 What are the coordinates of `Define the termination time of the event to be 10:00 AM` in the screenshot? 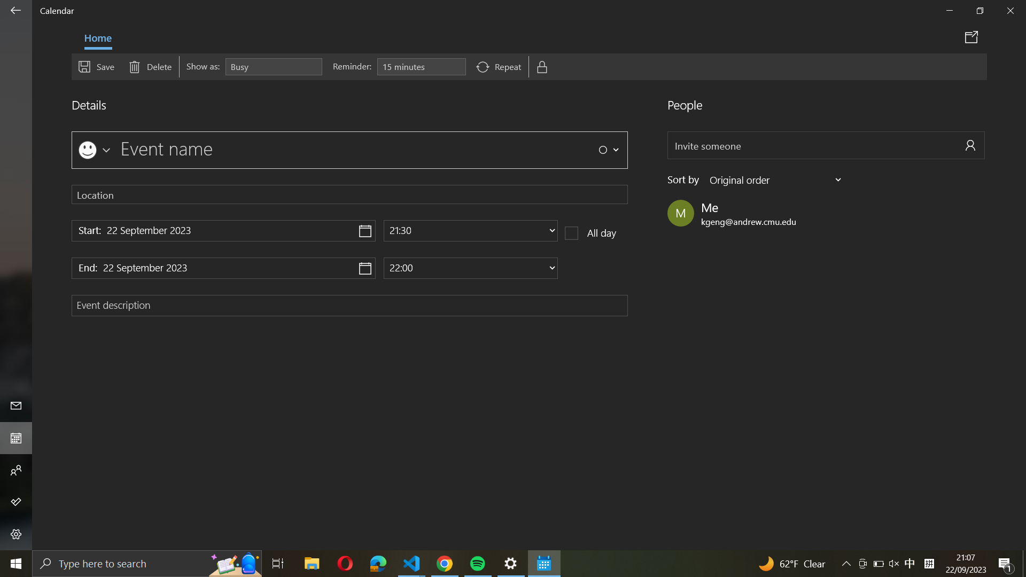 It's located at (470, 267).